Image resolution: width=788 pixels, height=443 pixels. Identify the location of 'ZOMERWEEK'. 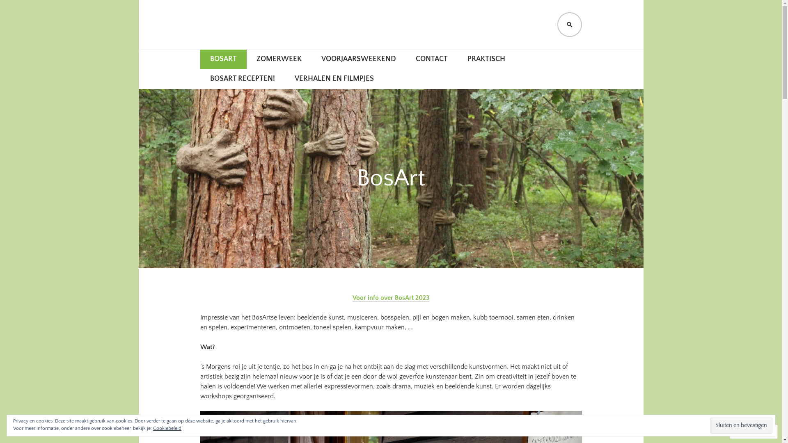
(278, 59).